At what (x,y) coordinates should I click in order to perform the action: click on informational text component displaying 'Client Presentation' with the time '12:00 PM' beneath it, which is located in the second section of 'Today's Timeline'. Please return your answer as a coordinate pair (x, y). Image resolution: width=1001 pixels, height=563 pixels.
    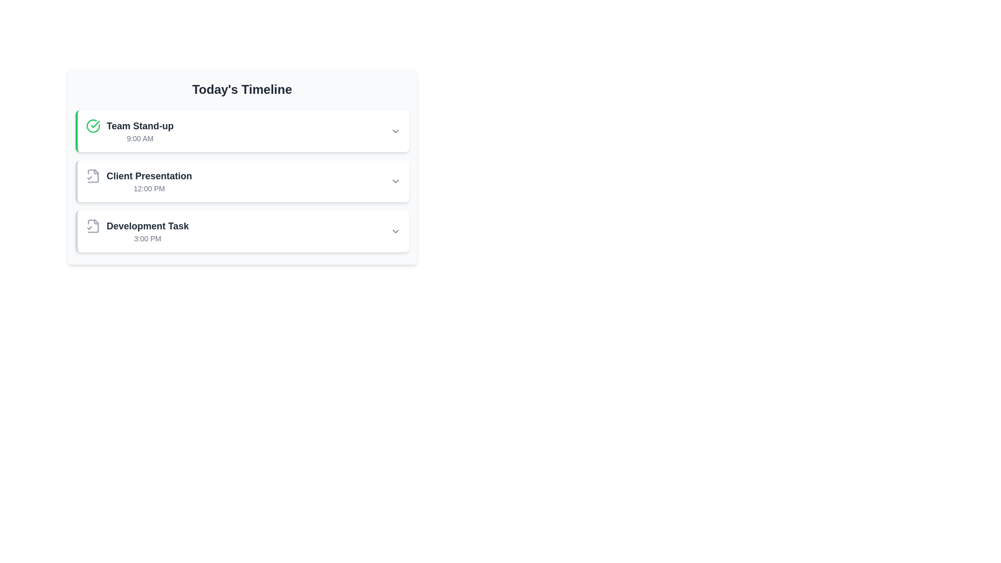
    Looking at the image, I should click on (149, 180).